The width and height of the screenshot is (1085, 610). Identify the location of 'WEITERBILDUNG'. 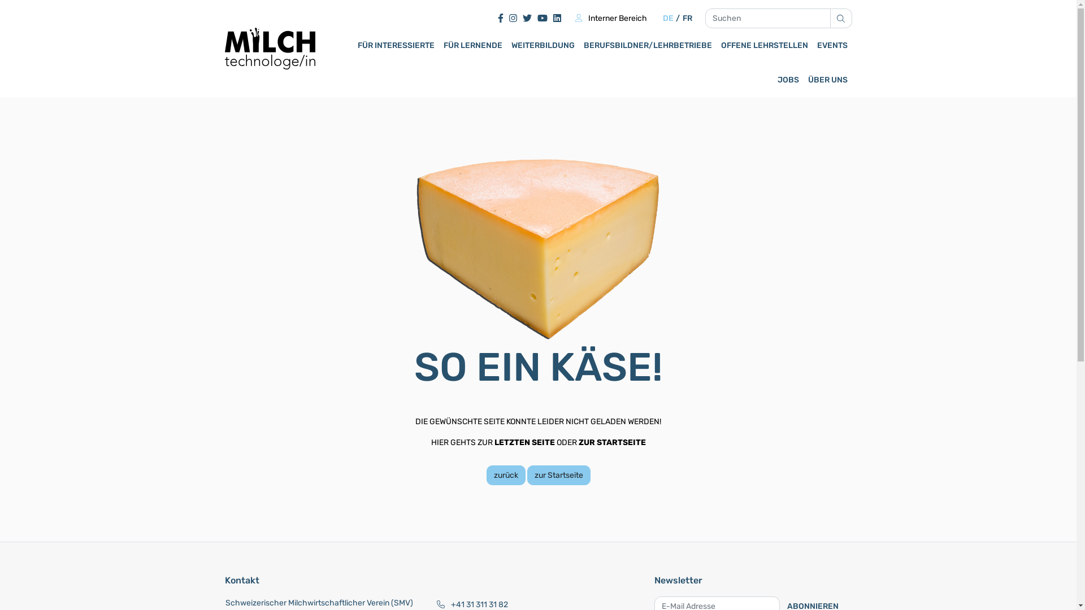
(542, 45).